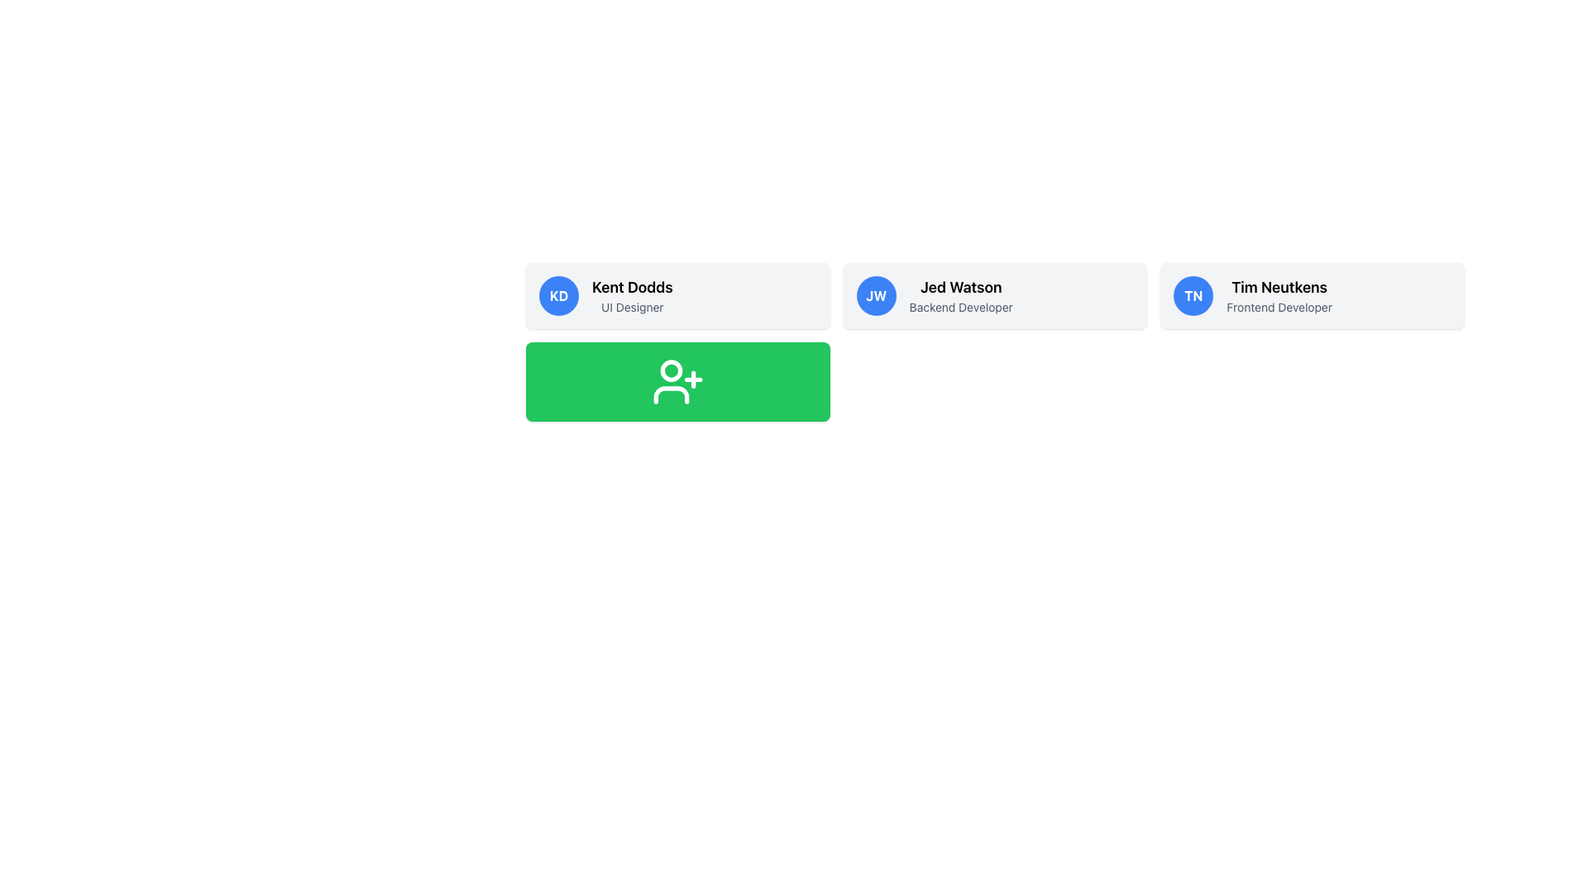 The height and width of the screenshot is (893, 1588). Describe the element at coordinates (631, 307) in the screenshot. I see `the static text label providing the role or title associated with 'Kent Dodds' located below his name in the user profile card` at that location.